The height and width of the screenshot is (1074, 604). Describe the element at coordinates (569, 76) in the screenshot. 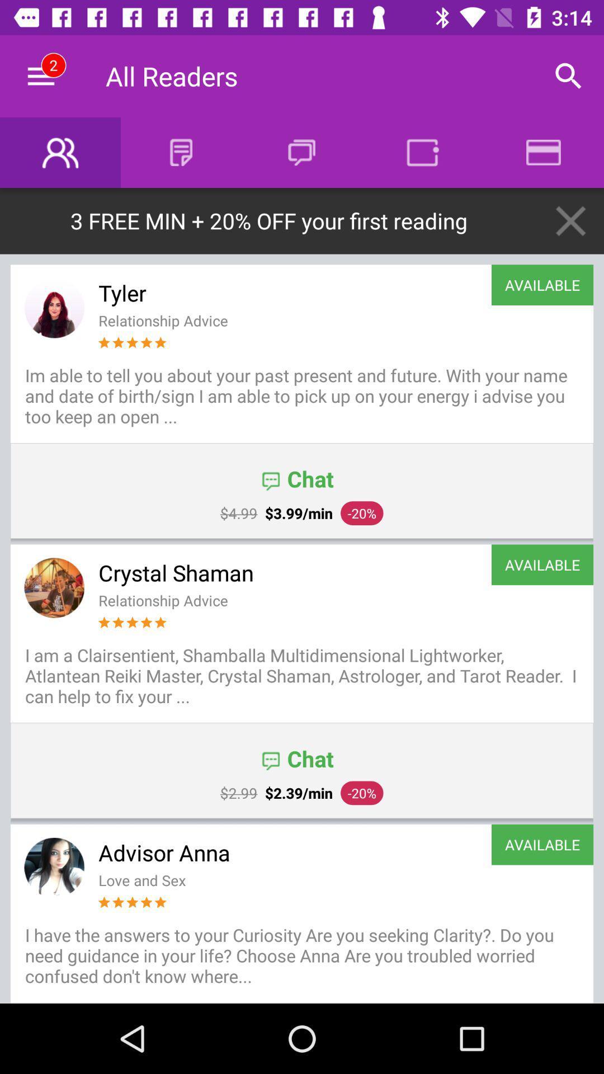

I see `icon to the right of the all readers icon` at that location.